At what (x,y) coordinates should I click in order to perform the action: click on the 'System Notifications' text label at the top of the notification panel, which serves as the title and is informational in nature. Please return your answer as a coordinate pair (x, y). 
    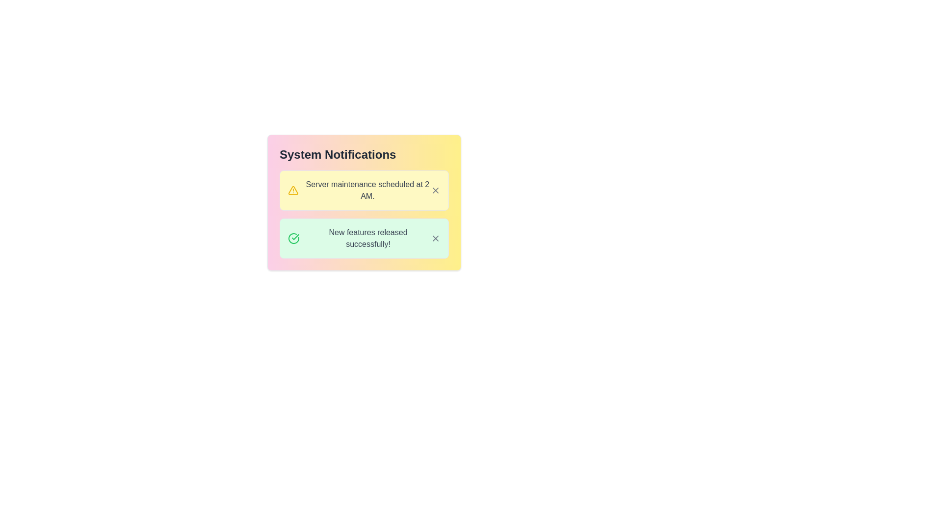
    Looking at the image, I should click on (338, 154).